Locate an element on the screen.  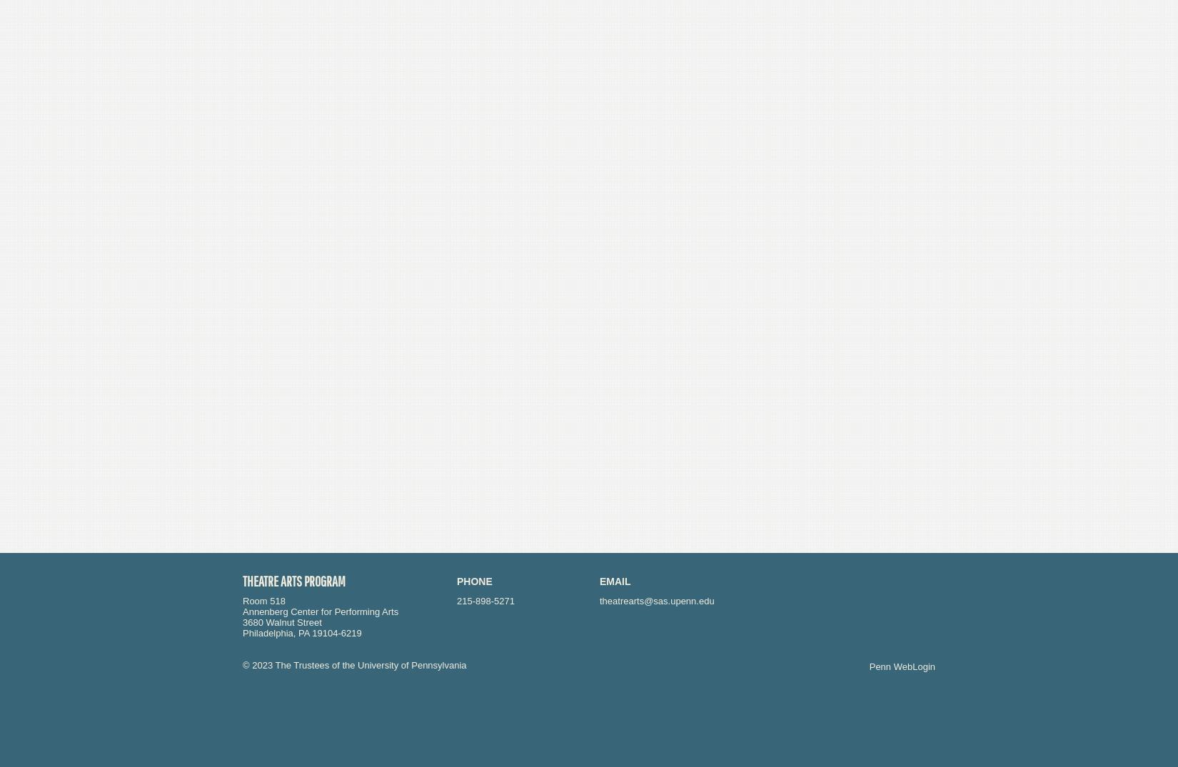
'Annenberg Center for Performing Arts' is located at coordinates (243, 611).